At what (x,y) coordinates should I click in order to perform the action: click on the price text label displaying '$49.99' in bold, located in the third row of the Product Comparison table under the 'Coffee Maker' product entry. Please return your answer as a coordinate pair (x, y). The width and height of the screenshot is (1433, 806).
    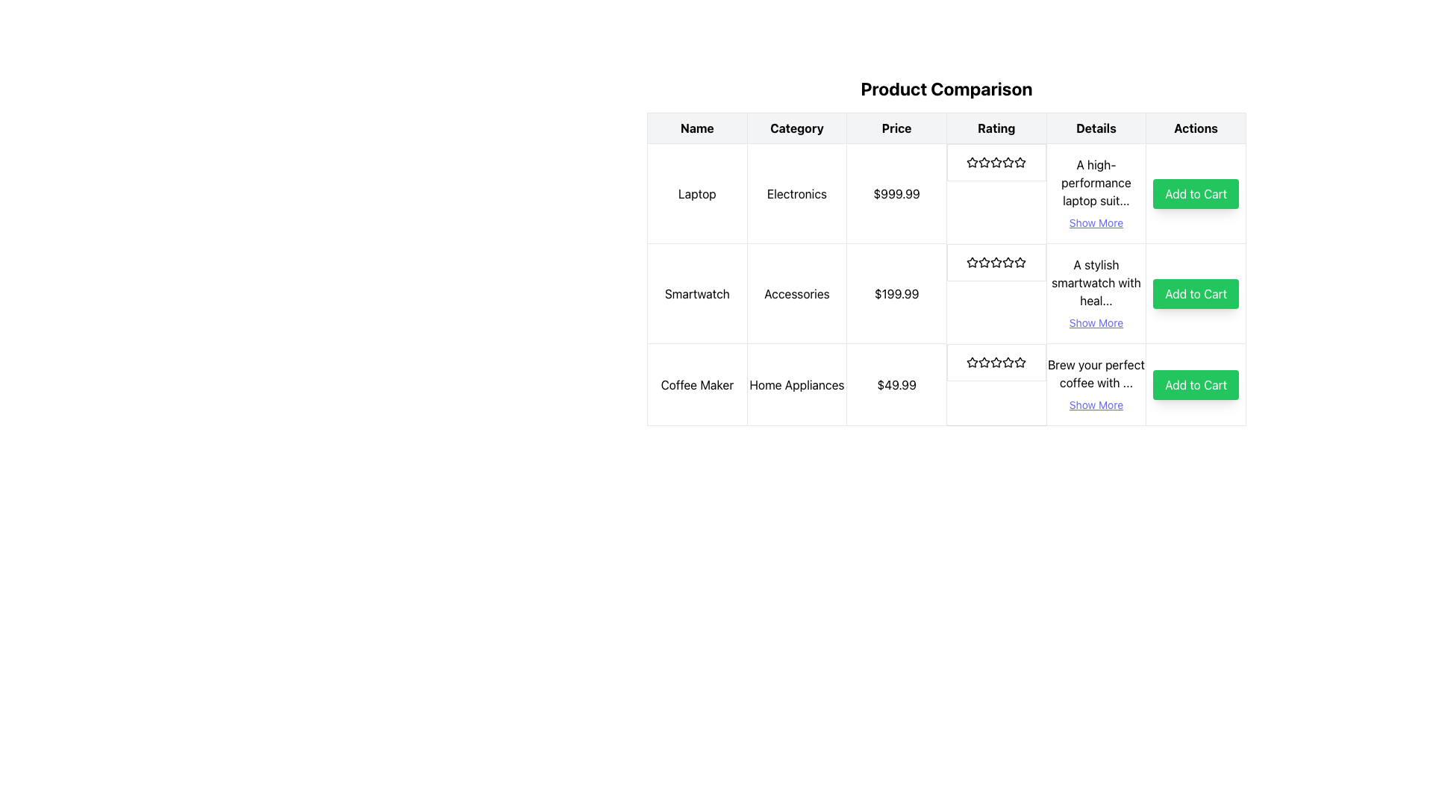
    Looking at the image, I should click on (896, 384).